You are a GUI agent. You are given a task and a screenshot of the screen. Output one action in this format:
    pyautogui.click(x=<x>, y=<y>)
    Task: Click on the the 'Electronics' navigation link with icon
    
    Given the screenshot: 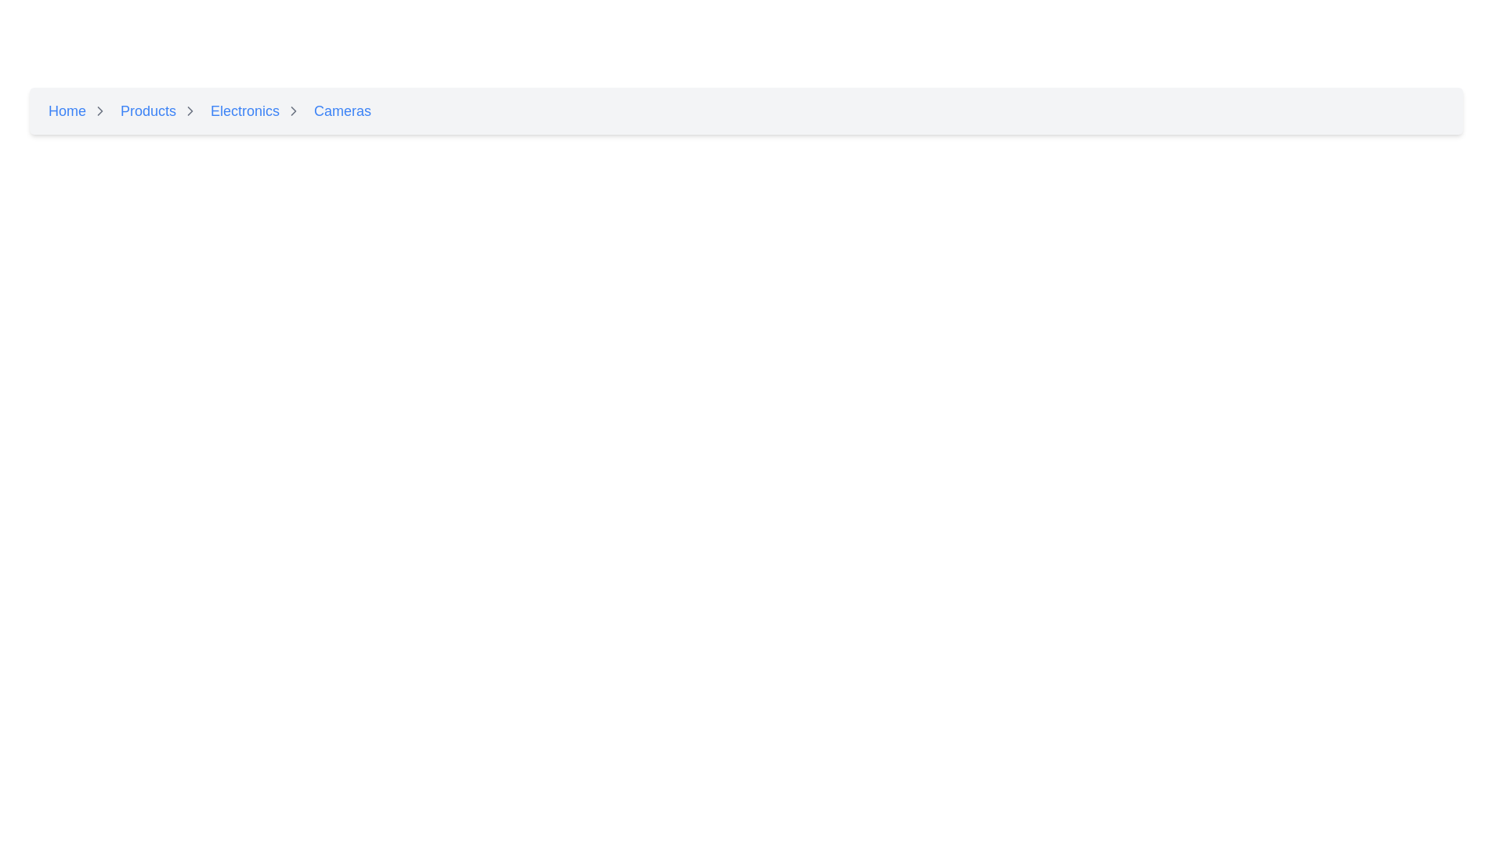 What is the action you would take?
    pyautogui.click(x=259, y=110)
    